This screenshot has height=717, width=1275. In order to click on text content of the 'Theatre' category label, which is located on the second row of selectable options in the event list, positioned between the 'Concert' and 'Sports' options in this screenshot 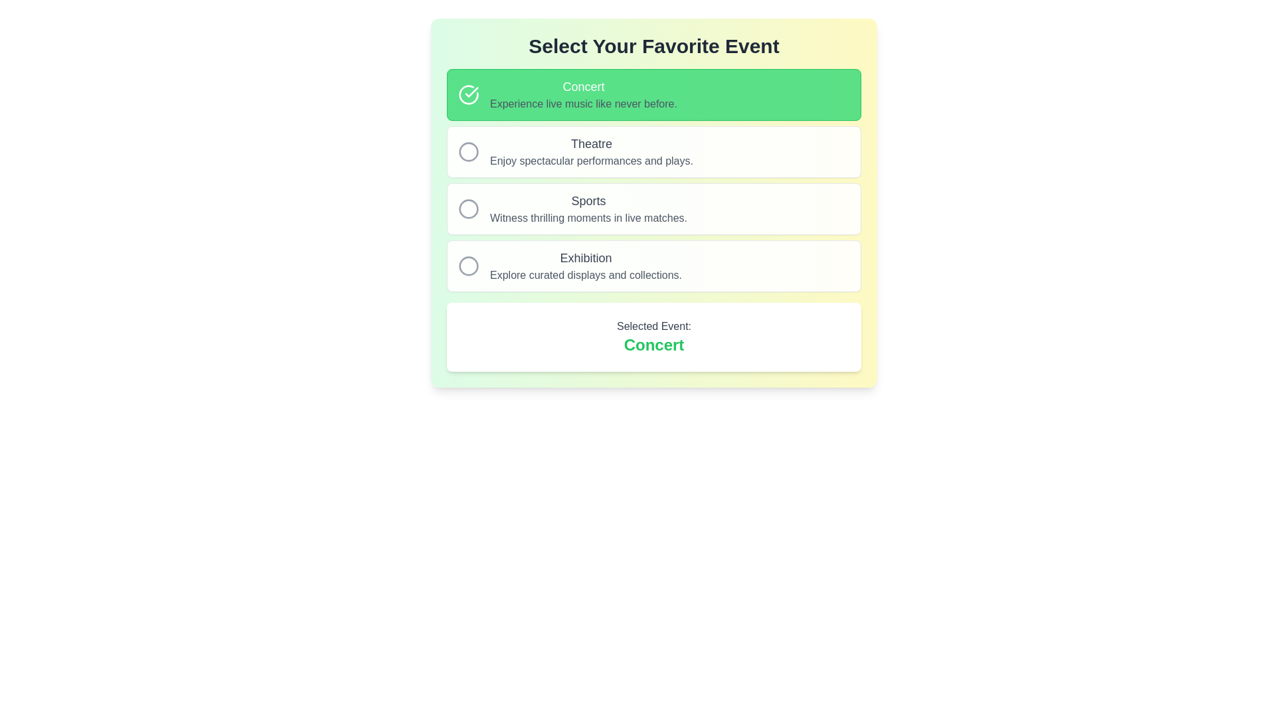, I will do `click(590, 143)`.